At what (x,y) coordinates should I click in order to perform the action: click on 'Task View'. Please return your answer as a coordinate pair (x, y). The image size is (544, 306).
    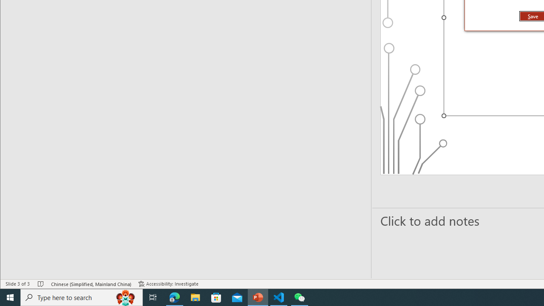
    Looking at the image, I should click on (153, 297).